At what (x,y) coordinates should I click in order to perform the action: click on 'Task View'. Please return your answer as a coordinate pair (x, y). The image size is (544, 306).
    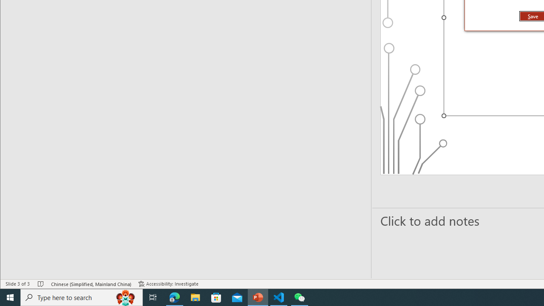
    Looking at the image, I should click on (153, 297).